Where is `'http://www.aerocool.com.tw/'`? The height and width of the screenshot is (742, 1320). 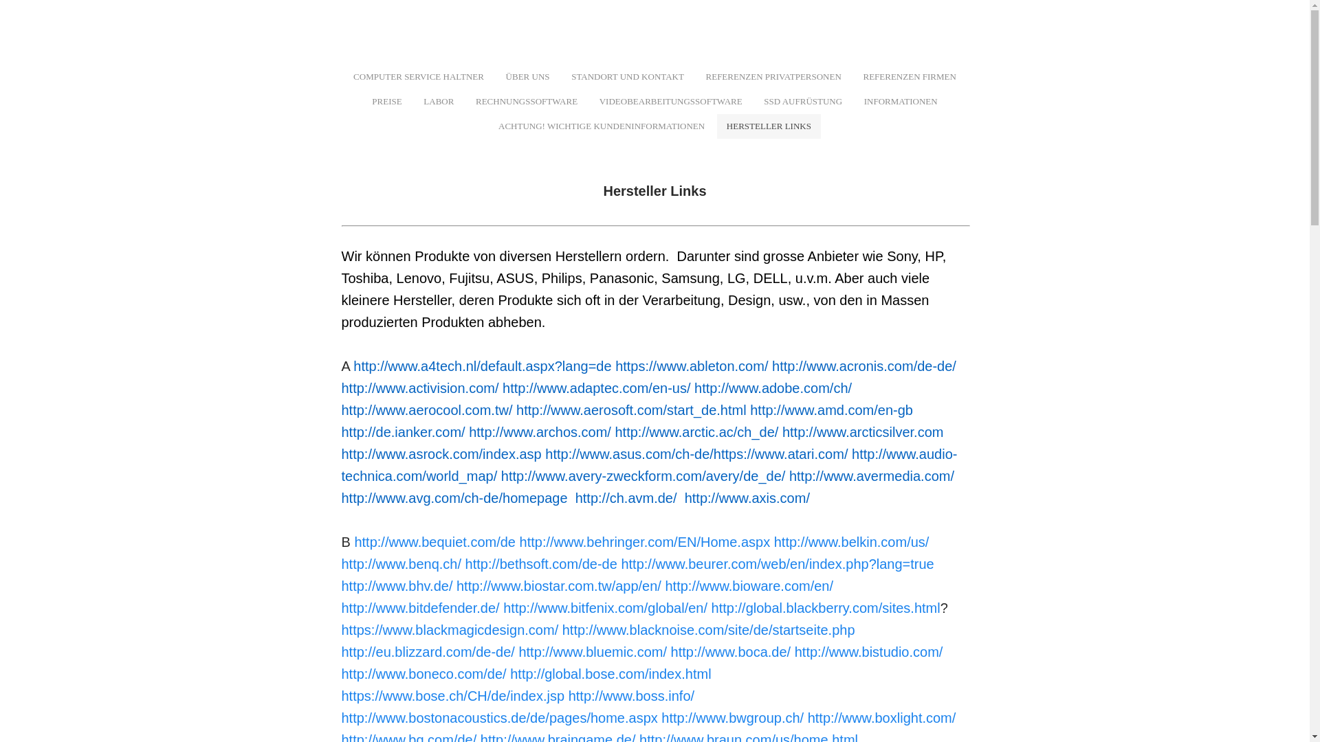 'http://www.aerocool.com.tw/' is located at coordinates (426, 409).